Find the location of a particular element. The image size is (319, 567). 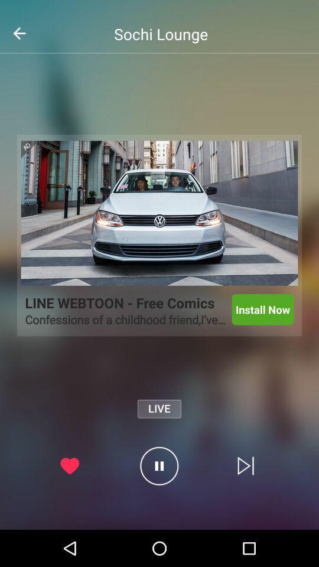

the arrow_backward icon is located at coordinates (18, 32).